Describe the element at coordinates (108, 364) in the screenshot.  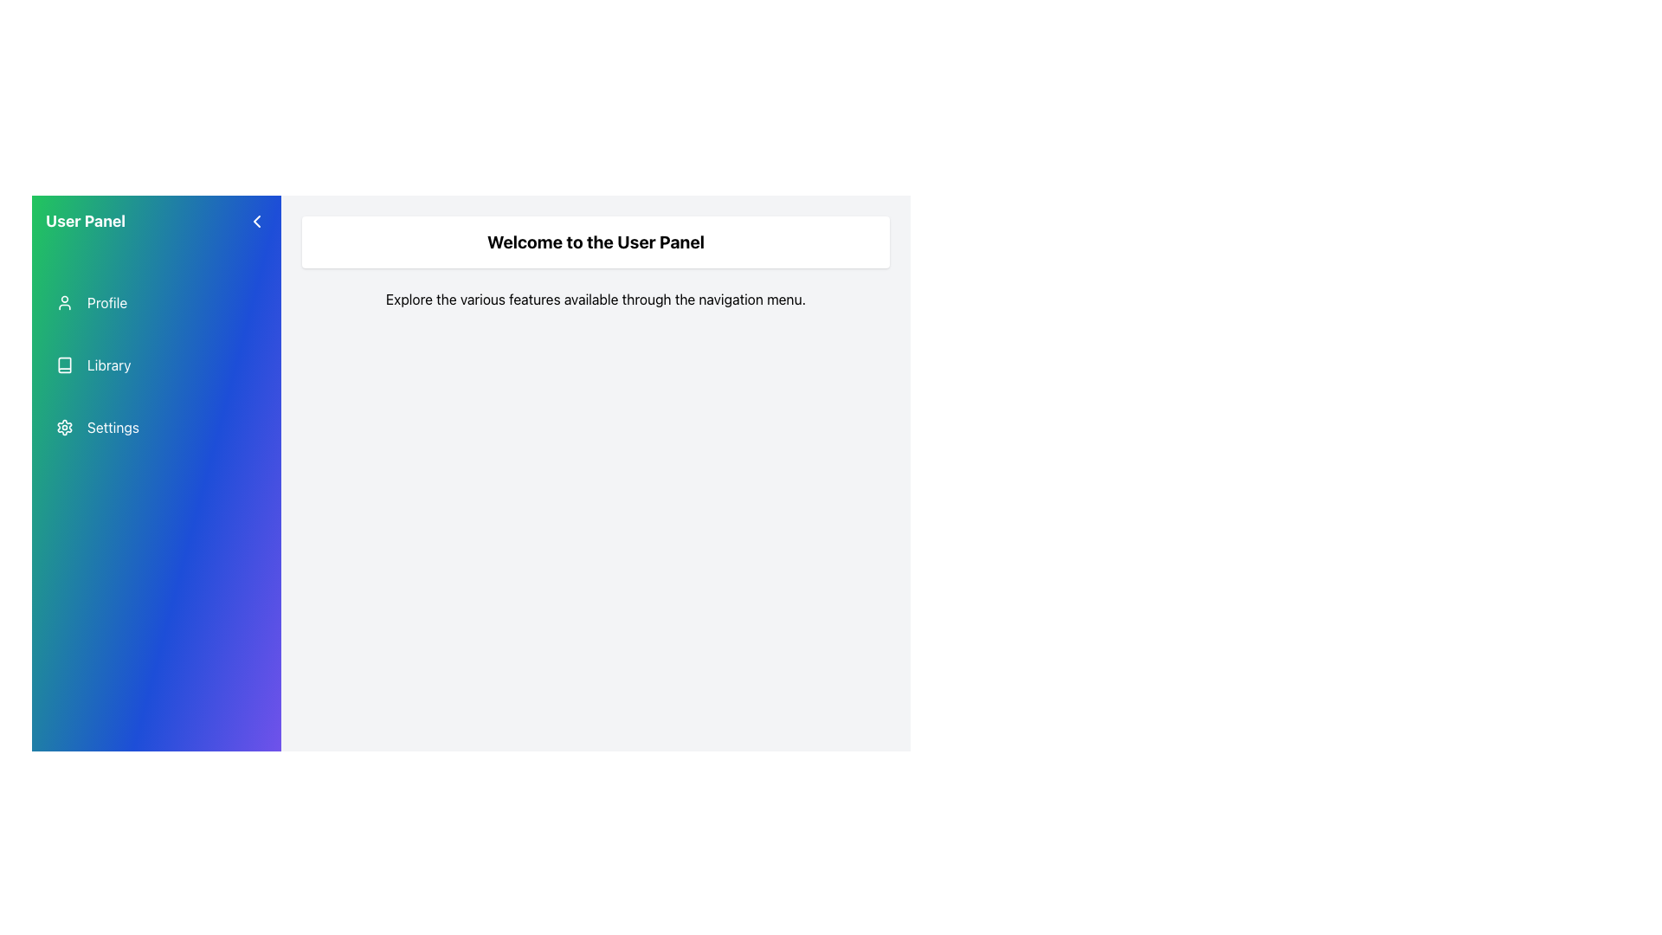
I see `the 'Library' navigational link located in the second position of the navigation menu, which is under the 'Profile' item and above the 'Settings' item` at that location.